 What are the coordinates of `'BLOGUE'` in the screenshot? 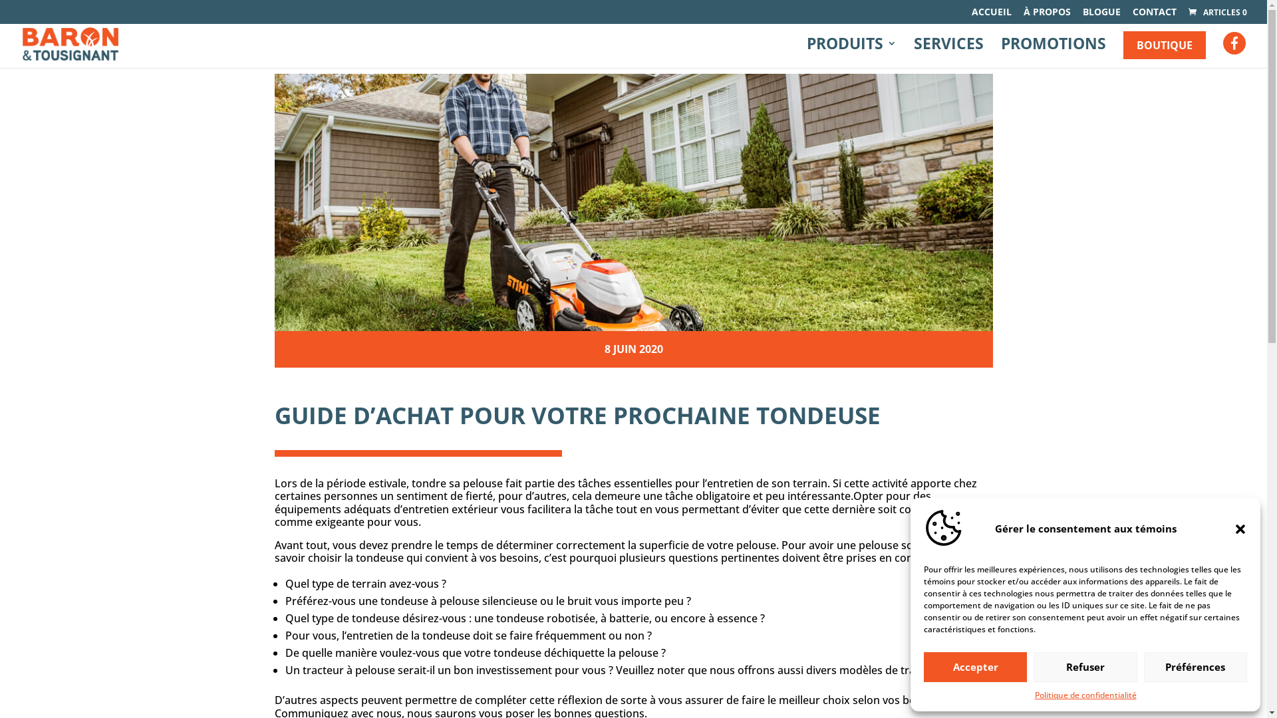 It's located at (1101, 15).